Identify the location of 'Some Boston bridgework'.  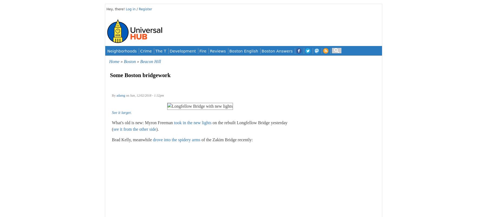
(110, 75).